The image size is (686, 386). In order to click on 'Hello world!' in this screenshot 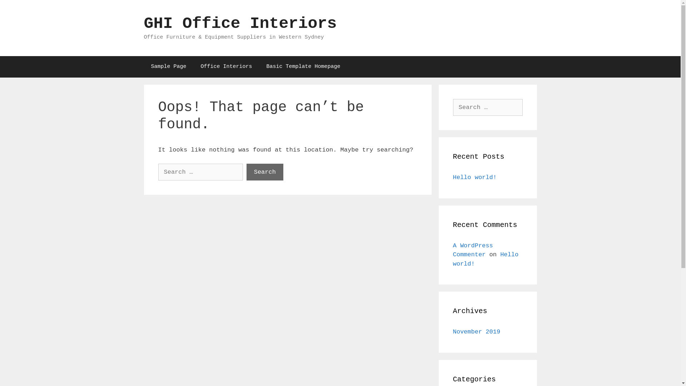, I will do `click(475, 177)`.